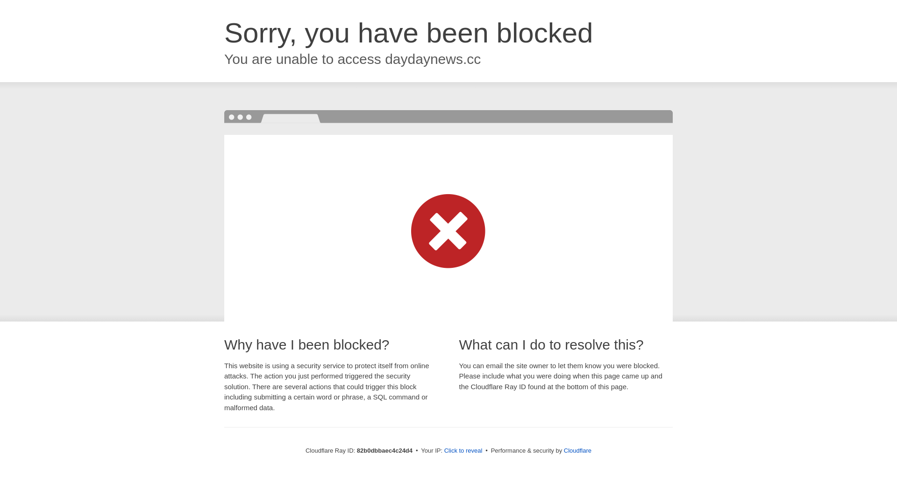 The width and height of the screenshot is (897, 504). I want to click on 'Cloudflare', so click(577, 450).